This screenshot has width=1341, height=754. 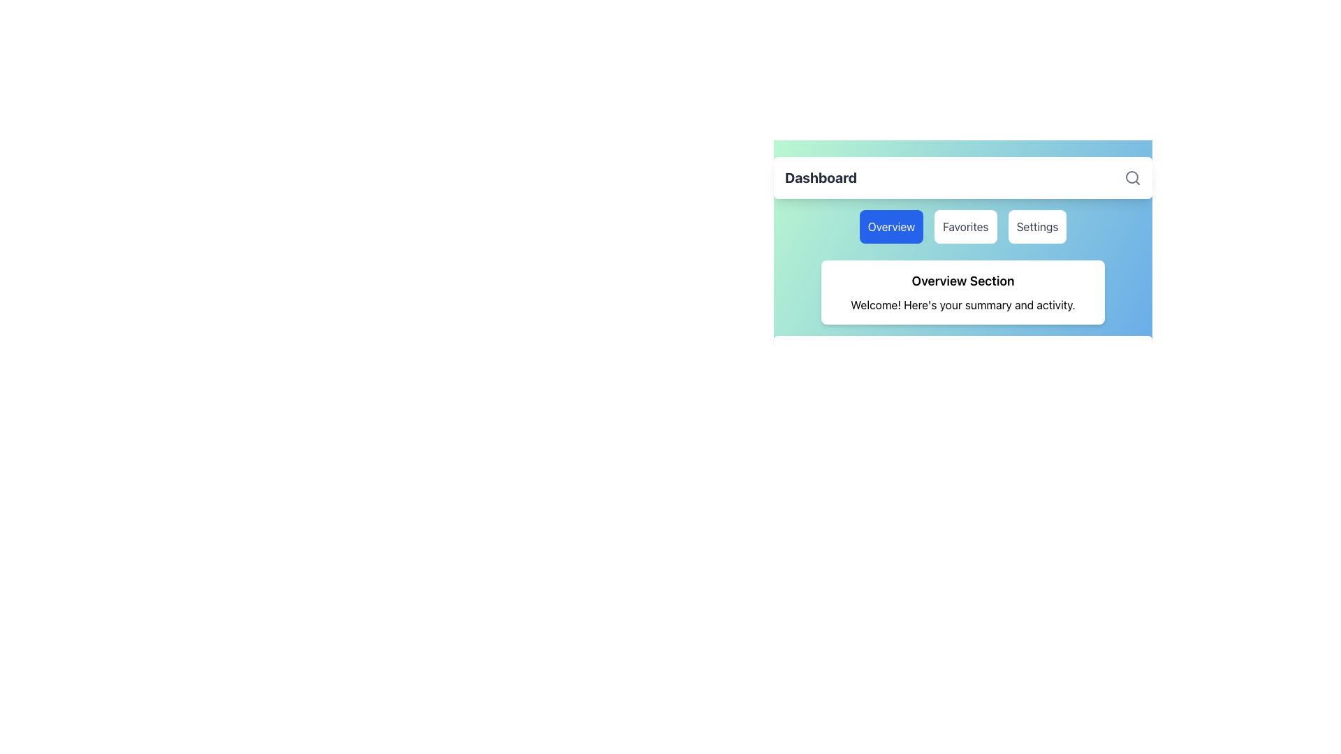 I want to click on the 'Favorites' button in the navigation panel located just below the 'Dashboard' header, so click(x=962, y=226).